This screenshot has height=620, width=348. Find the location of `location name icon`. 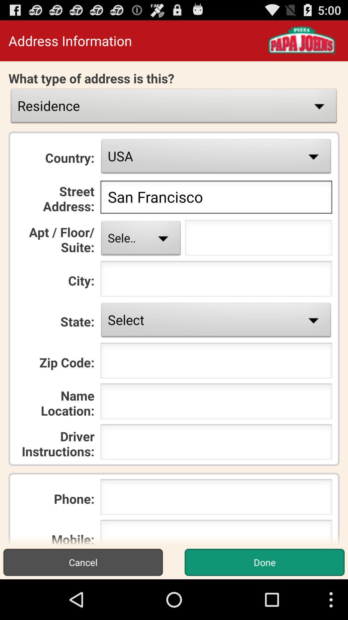

location name icon is located at coordinates (216, 403).